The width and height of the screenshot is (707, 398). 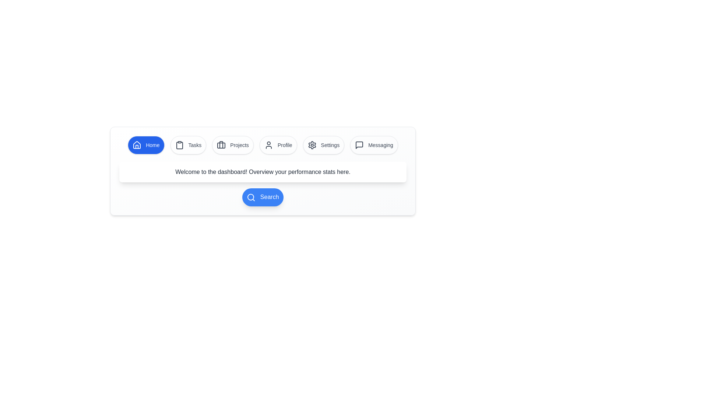 What do you see at coordinates (232, 145) in the screenshot?
I see `the 'Projects' button located in the horizontal navigation bar, which is the third button from the left, positioned between 'Tasks' and 'Profile'` at bounding box center [232, 145].